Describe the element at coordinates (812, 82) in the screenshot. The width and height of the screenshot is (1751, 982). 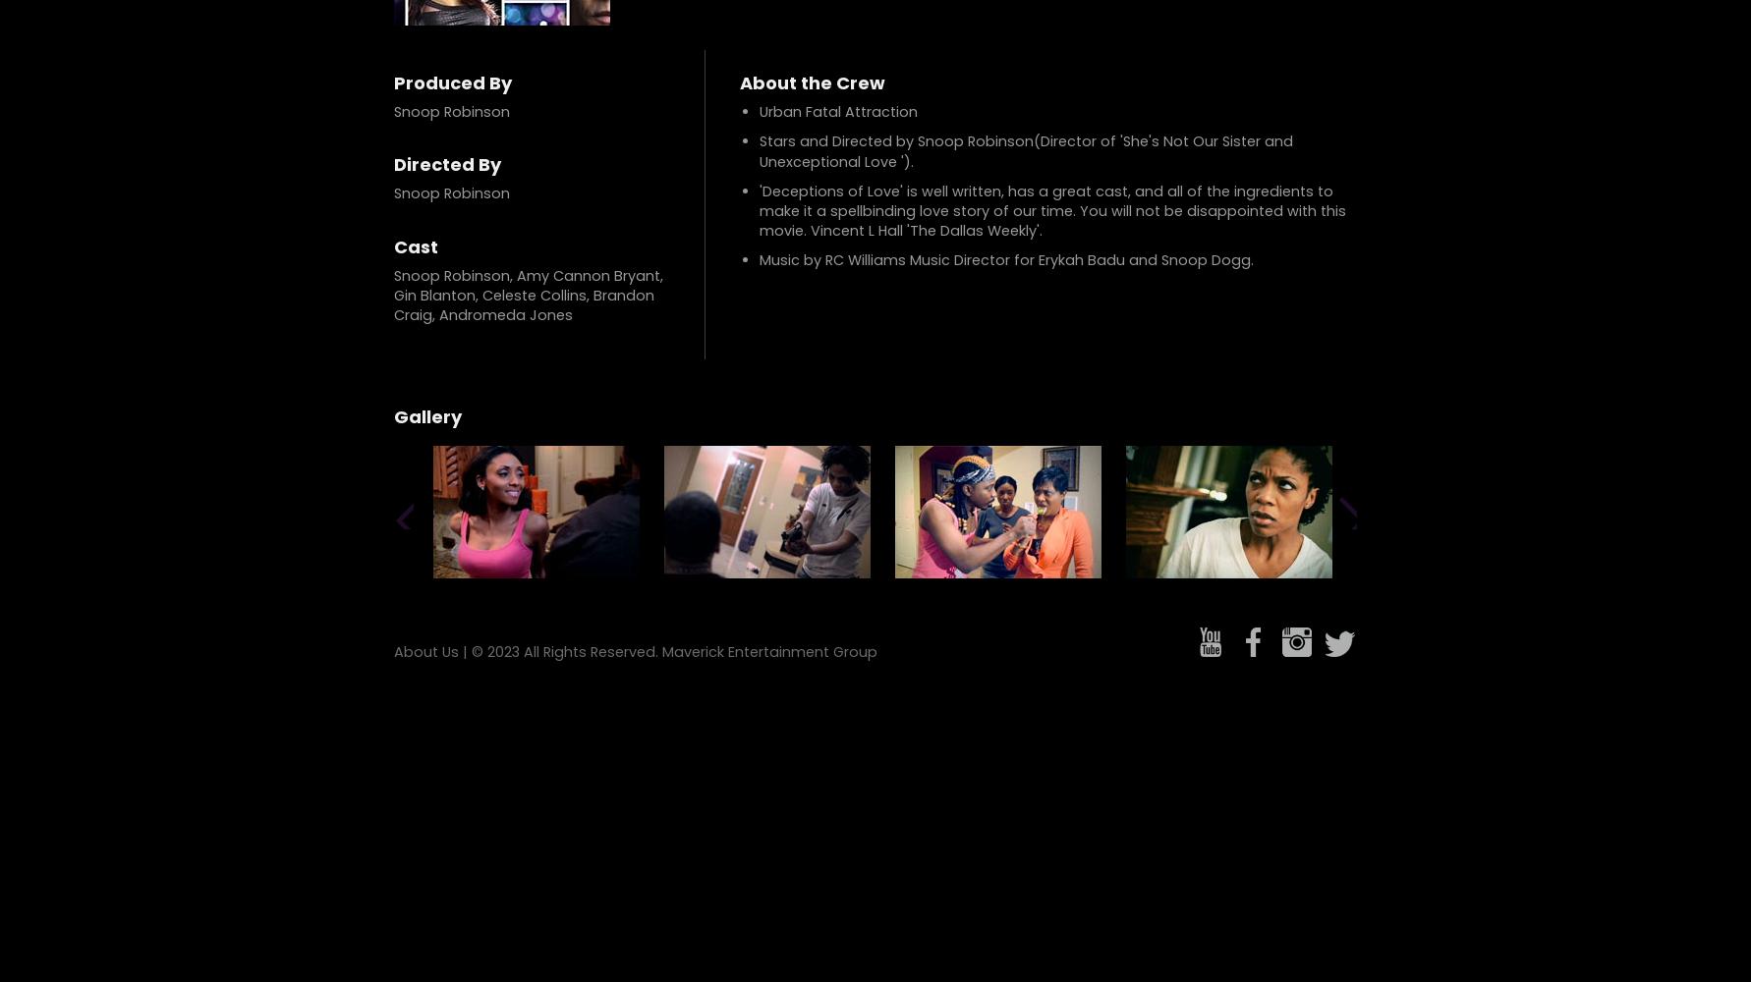
I see `'About the Crew'` at that location.